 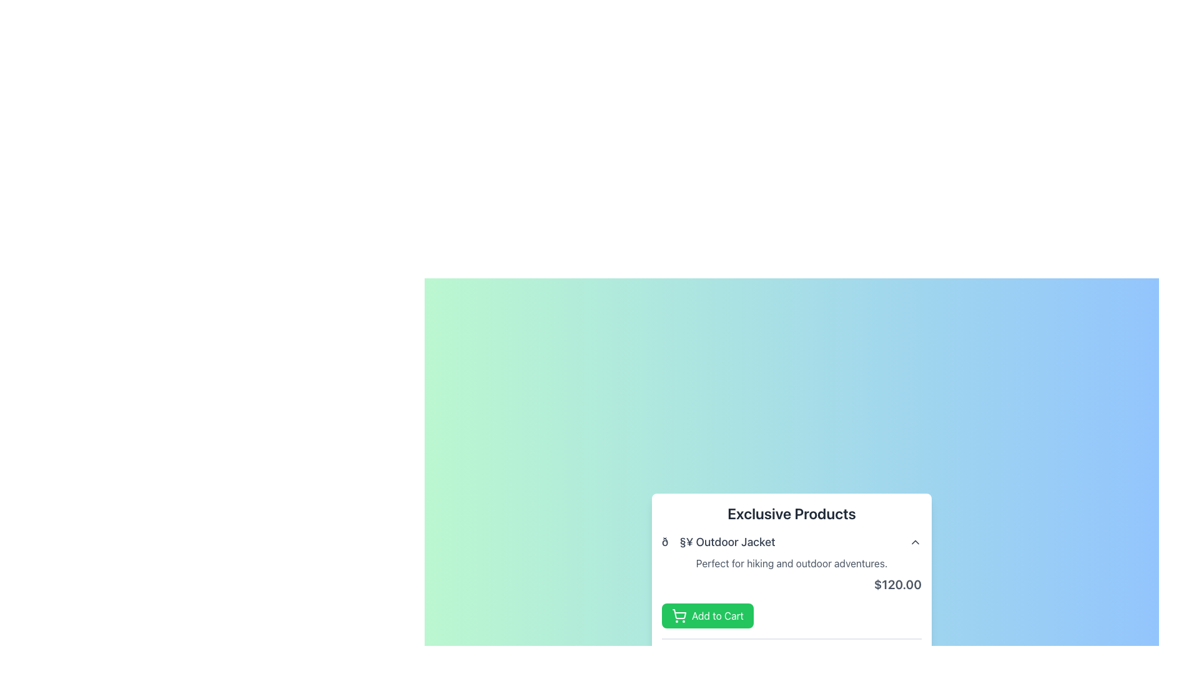 What do you see at coordinates (708, 615) in the screenshot?
I see `the add to cart button located at the lower center of the product details card to change its appearance` at bounding box center [708, 615].